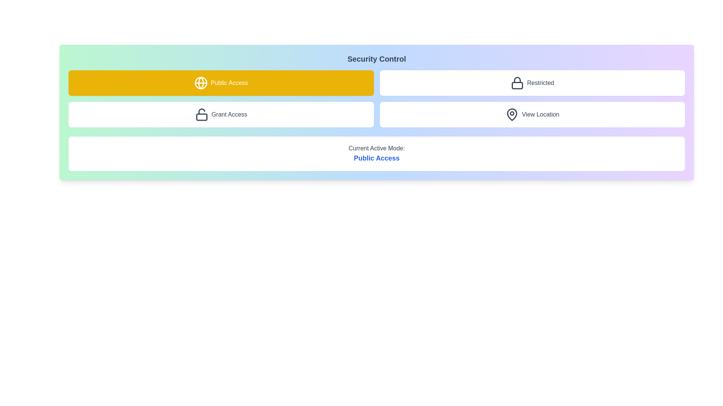 This screenshot has height=406, width=723. What do you see at coordinates (532, 83) in the screenshot?
I see `the mode Restricted by clicking on the corresponding button` at bounding box center [532, 83].